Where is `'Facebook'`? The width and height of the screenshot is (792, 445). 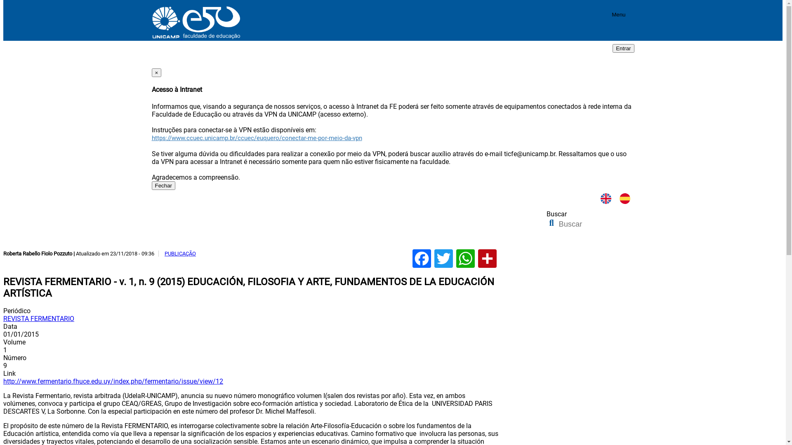 'Facebook' is located at coordinates (422, 258).